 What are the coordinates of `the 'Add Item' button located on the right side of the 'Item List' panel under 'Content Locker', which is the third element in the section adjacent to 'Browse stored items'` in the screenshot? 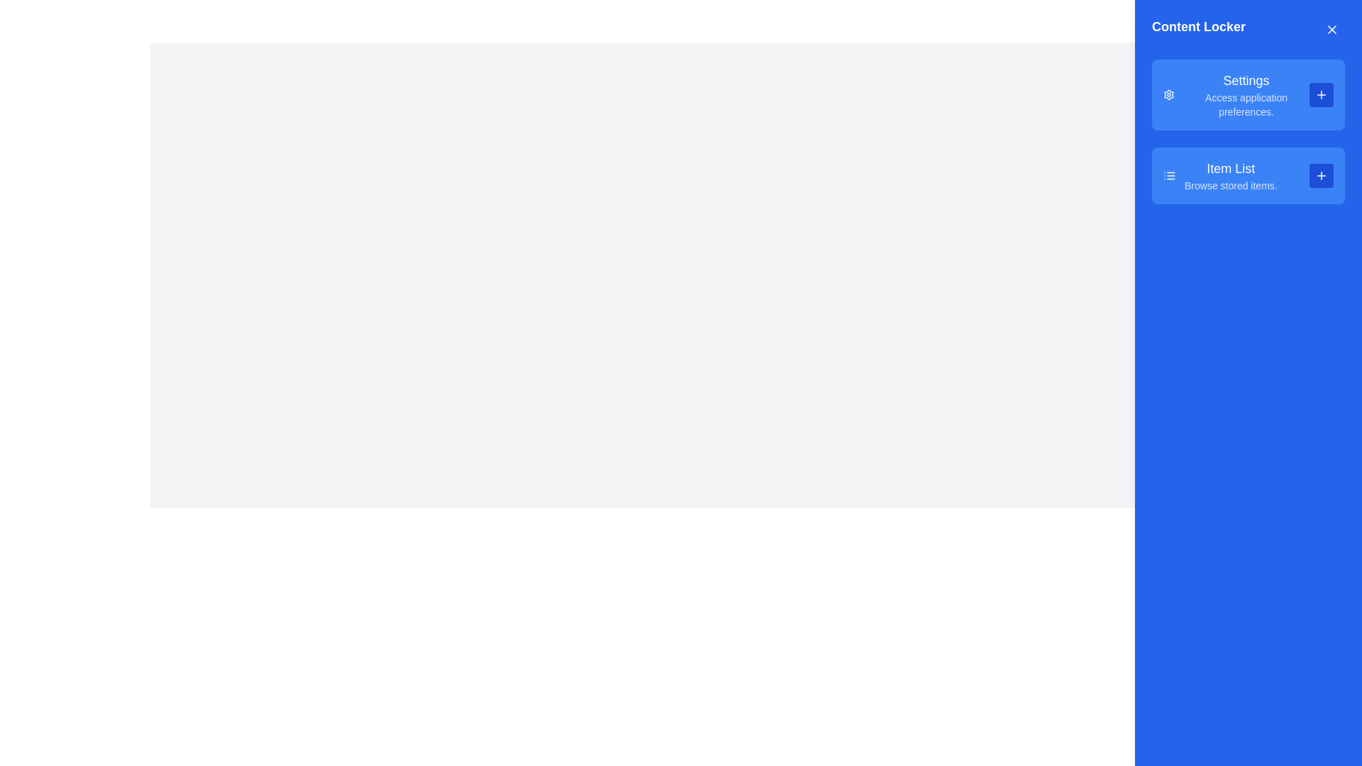 It's located at (1320, 174).